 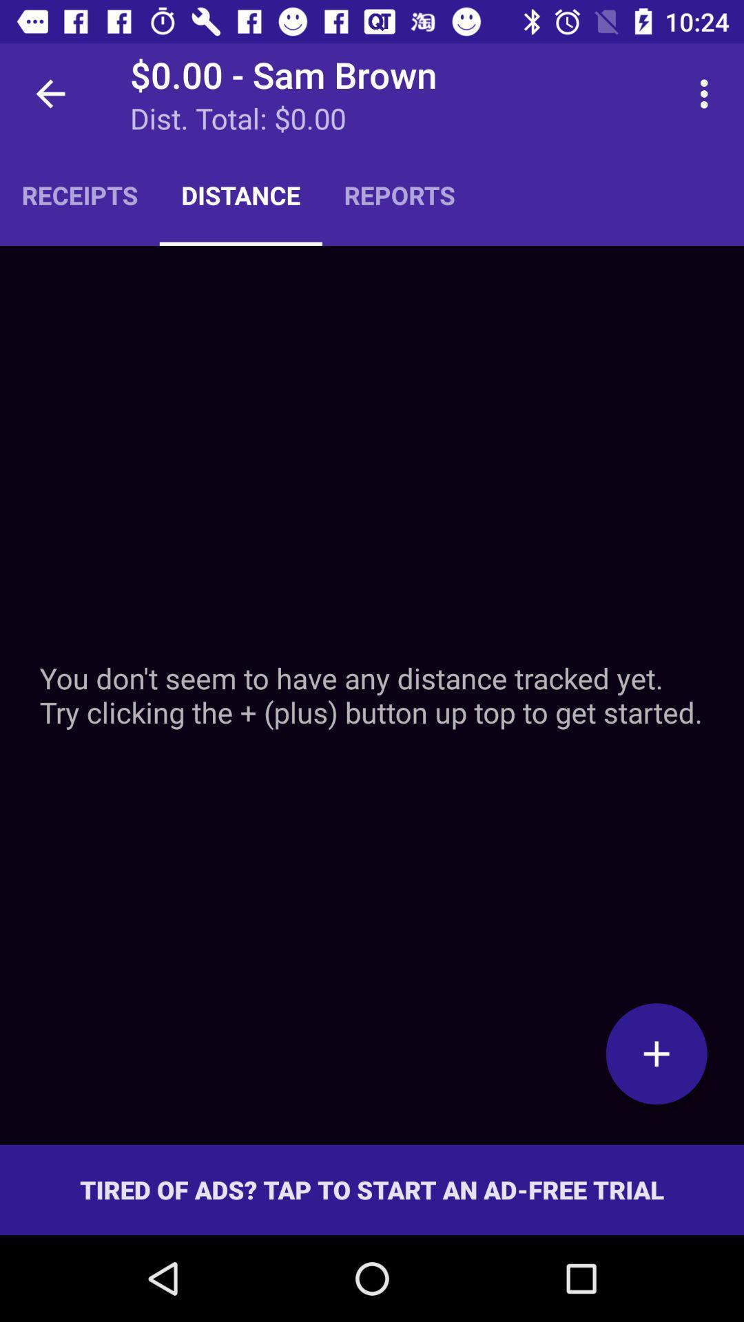 I want to click on the receipts, so click(x=79, y=194).